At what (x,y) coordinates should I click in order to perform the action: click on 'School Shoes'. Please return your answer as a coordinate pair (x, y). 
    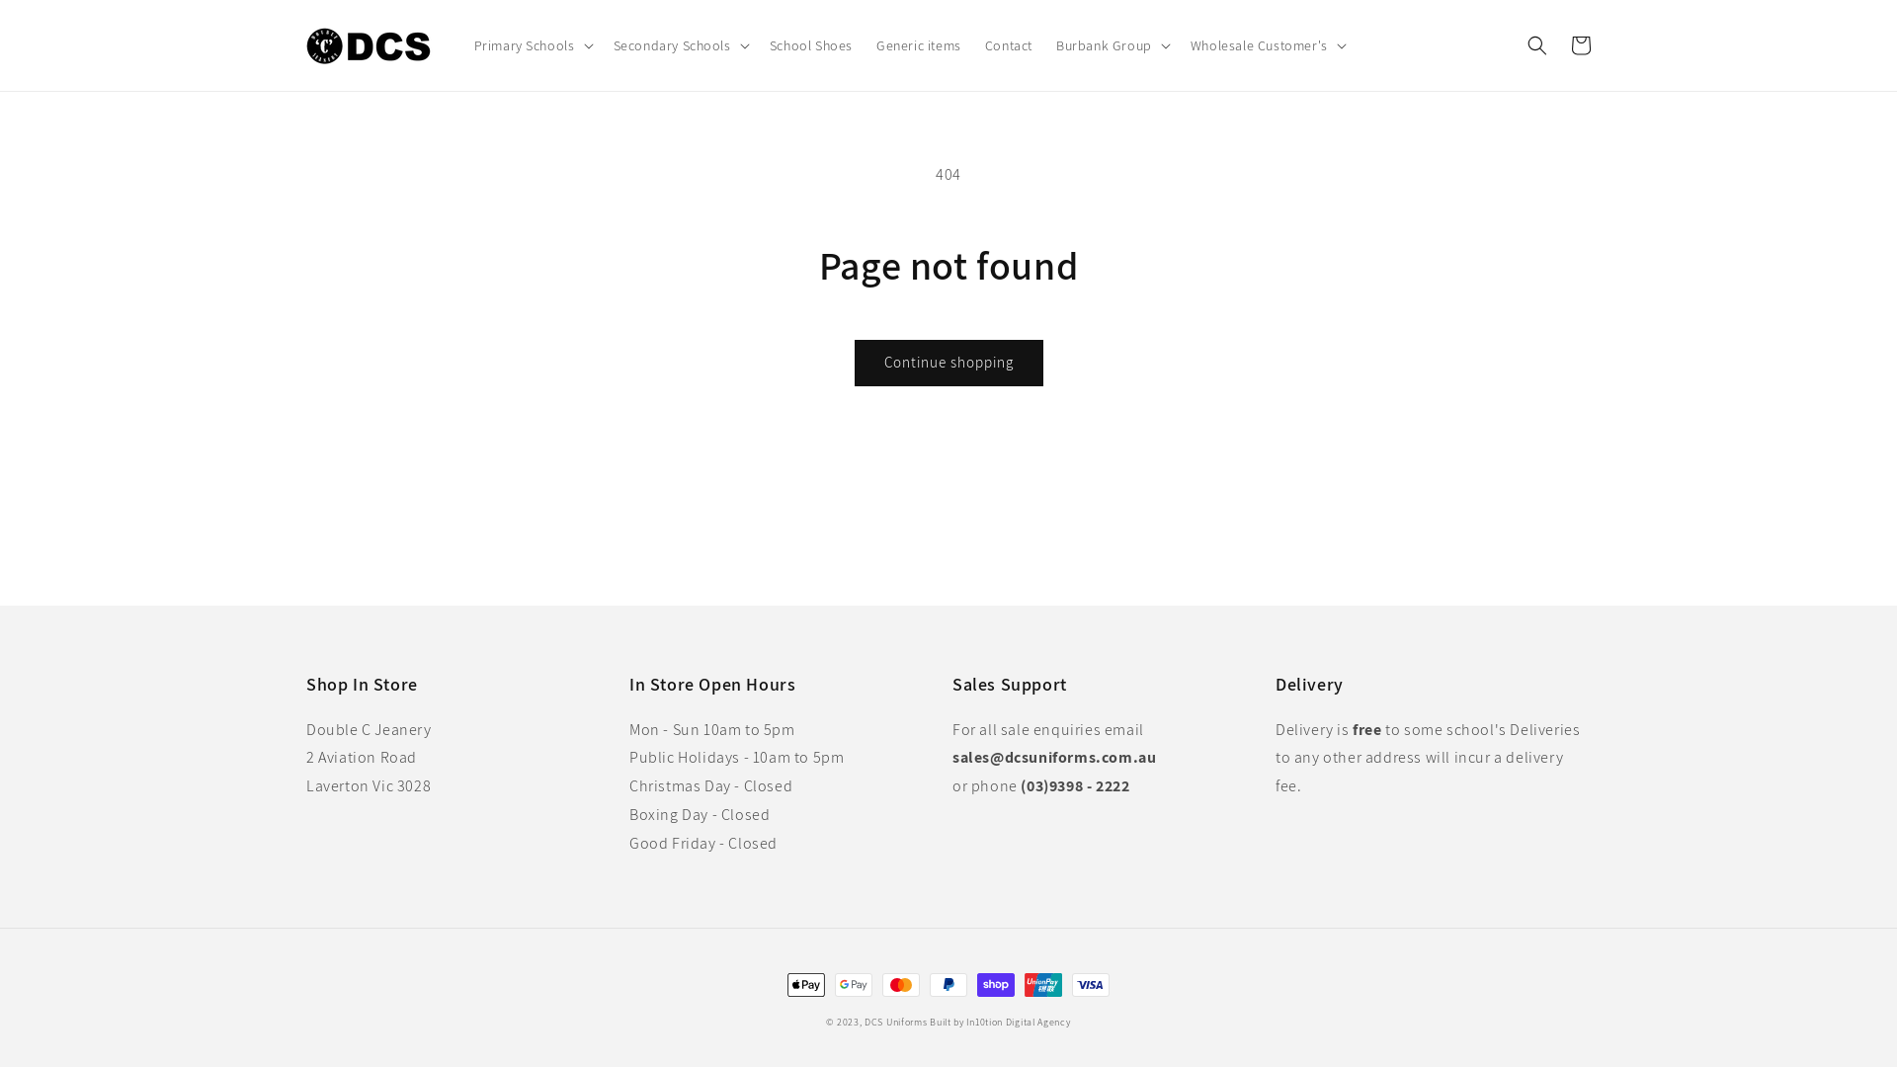
    Looking at the image, I should click on (757, 44).